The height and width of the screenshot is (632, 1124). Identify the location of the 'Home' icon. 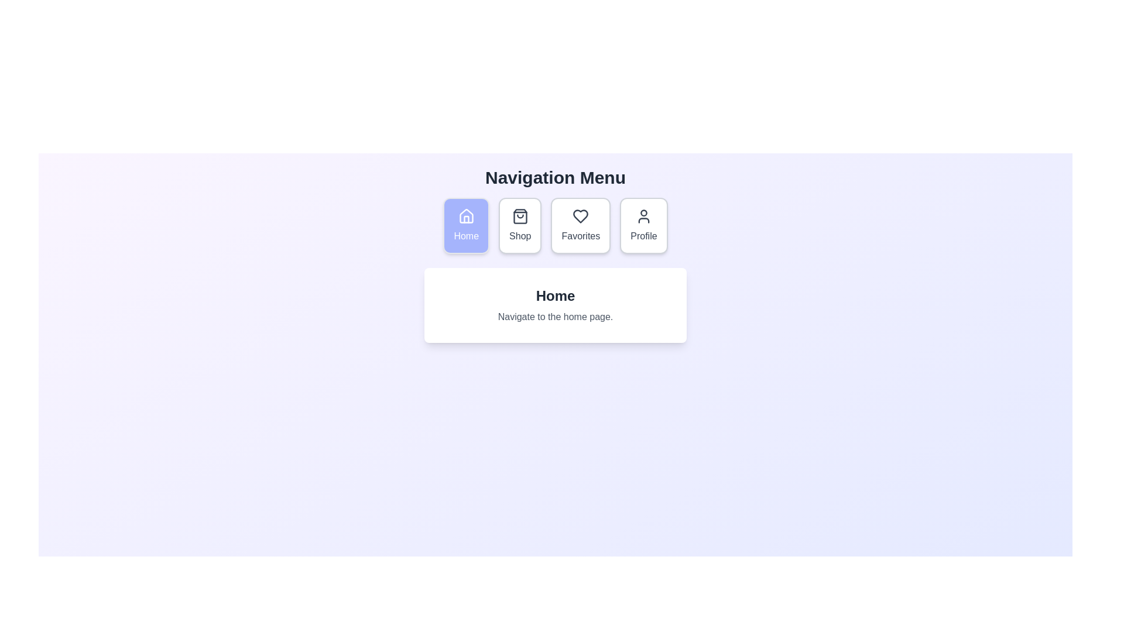
(465, 219).